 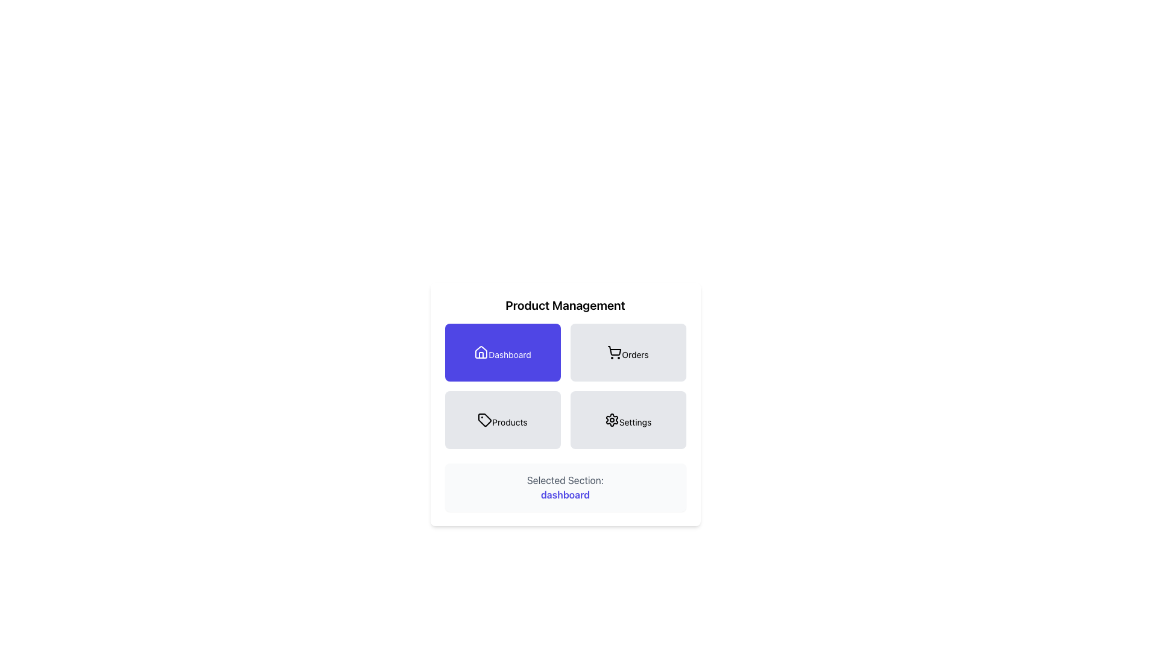 I want to click on the 'Products' button located in the bottom-left cell of the grid under 'Product Management' to trigger the hover effect, so click(x=502, y=420).